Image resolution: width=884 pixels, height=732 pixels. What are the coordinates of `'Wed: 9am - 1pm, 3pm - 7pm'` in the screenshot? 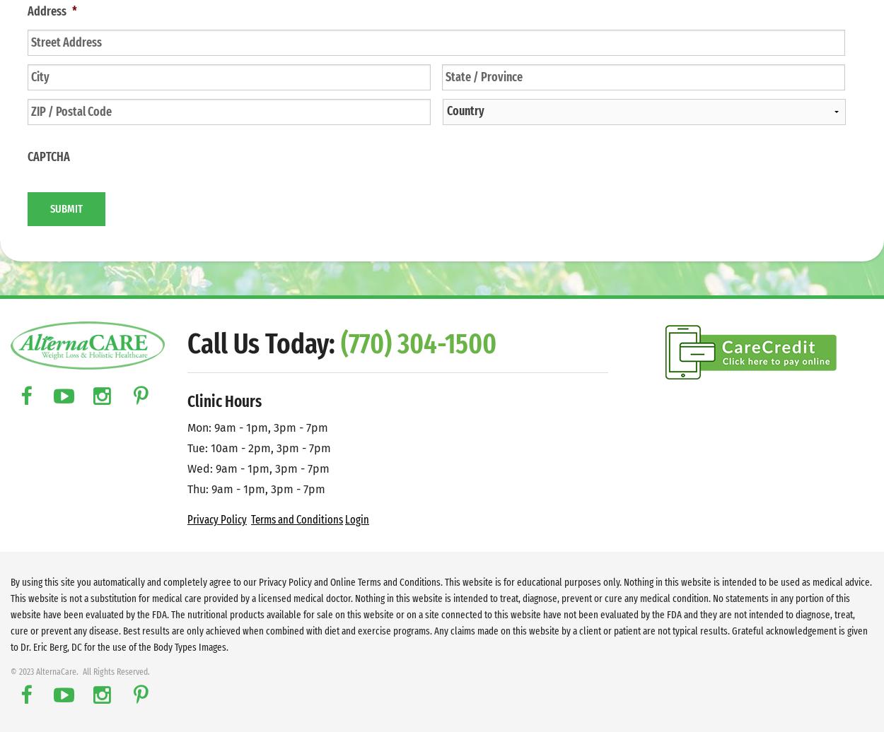 It's located at (187, 468).